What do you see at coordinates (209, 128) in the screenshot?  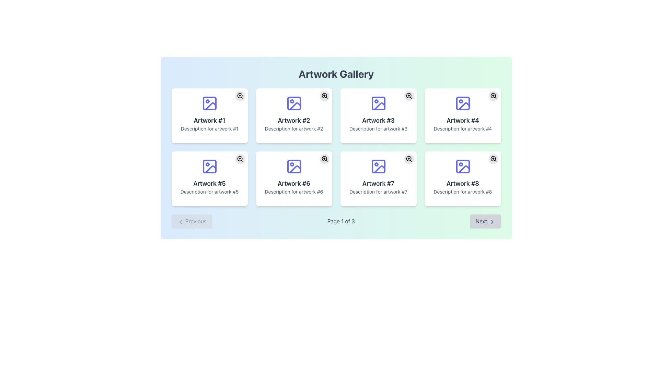 I see `descriptive text field located in the card labeled 'Artwork #1', positioned directly beneath the title 'Artwork #1'` at bounding box center [209, 128].